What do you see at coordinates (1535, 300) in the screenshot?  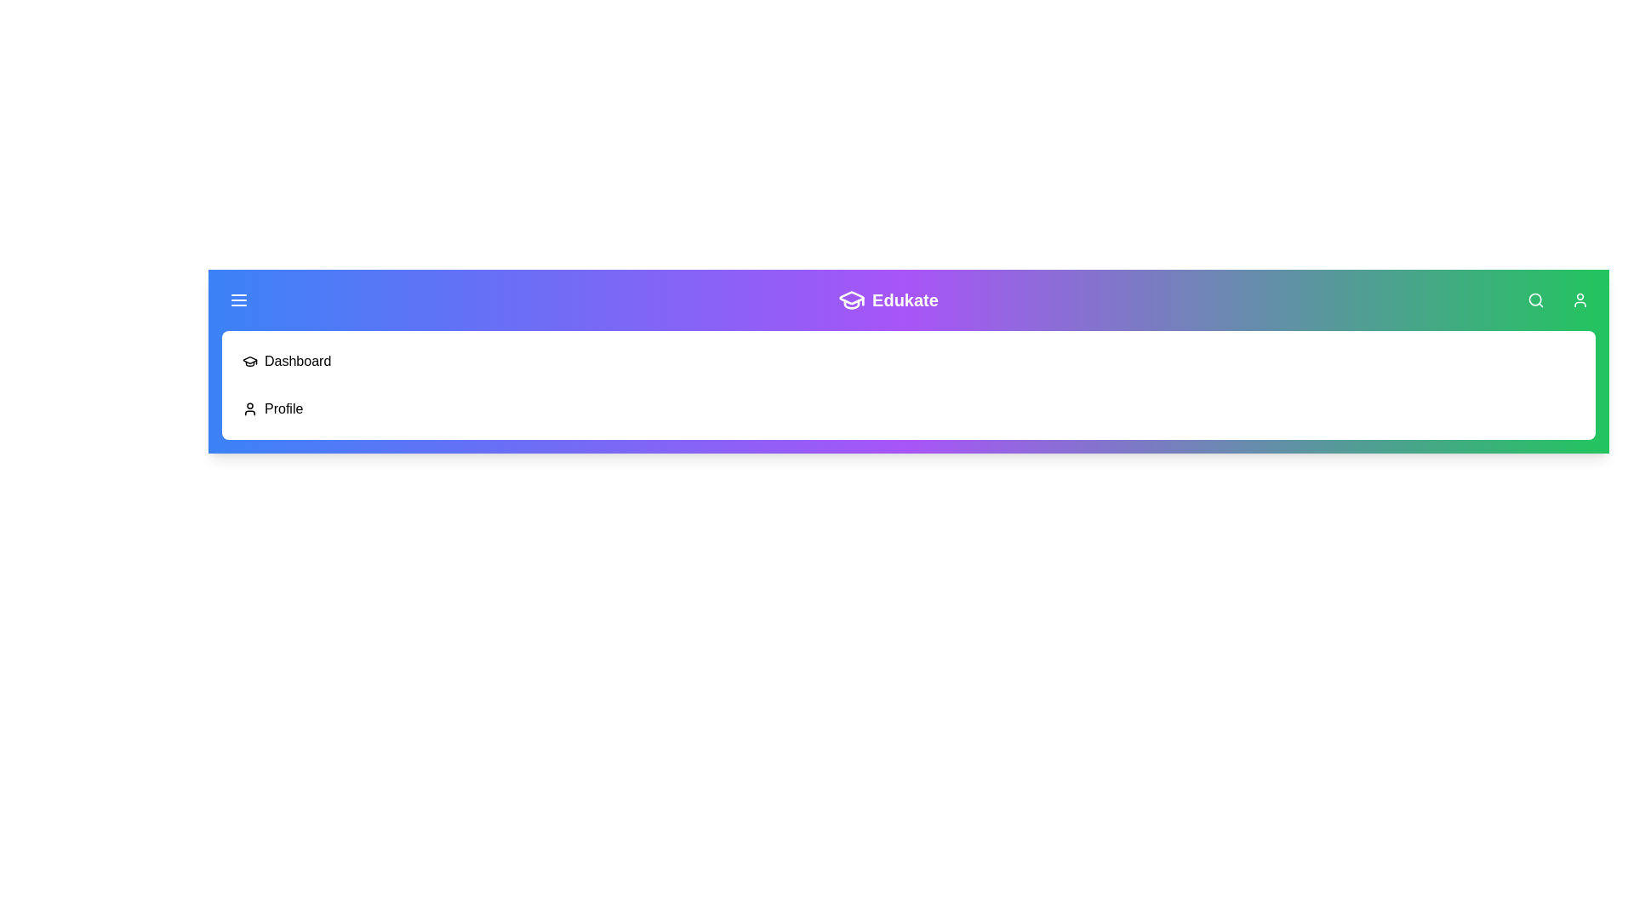 I see `the 'Search' icon in the ModernEducationAppBar` at bounding box center [1535, 300].